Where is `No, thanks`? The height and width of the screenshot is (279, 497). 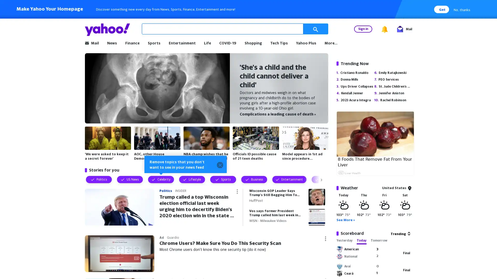
No, thanks is located at coordinates (462, 10).